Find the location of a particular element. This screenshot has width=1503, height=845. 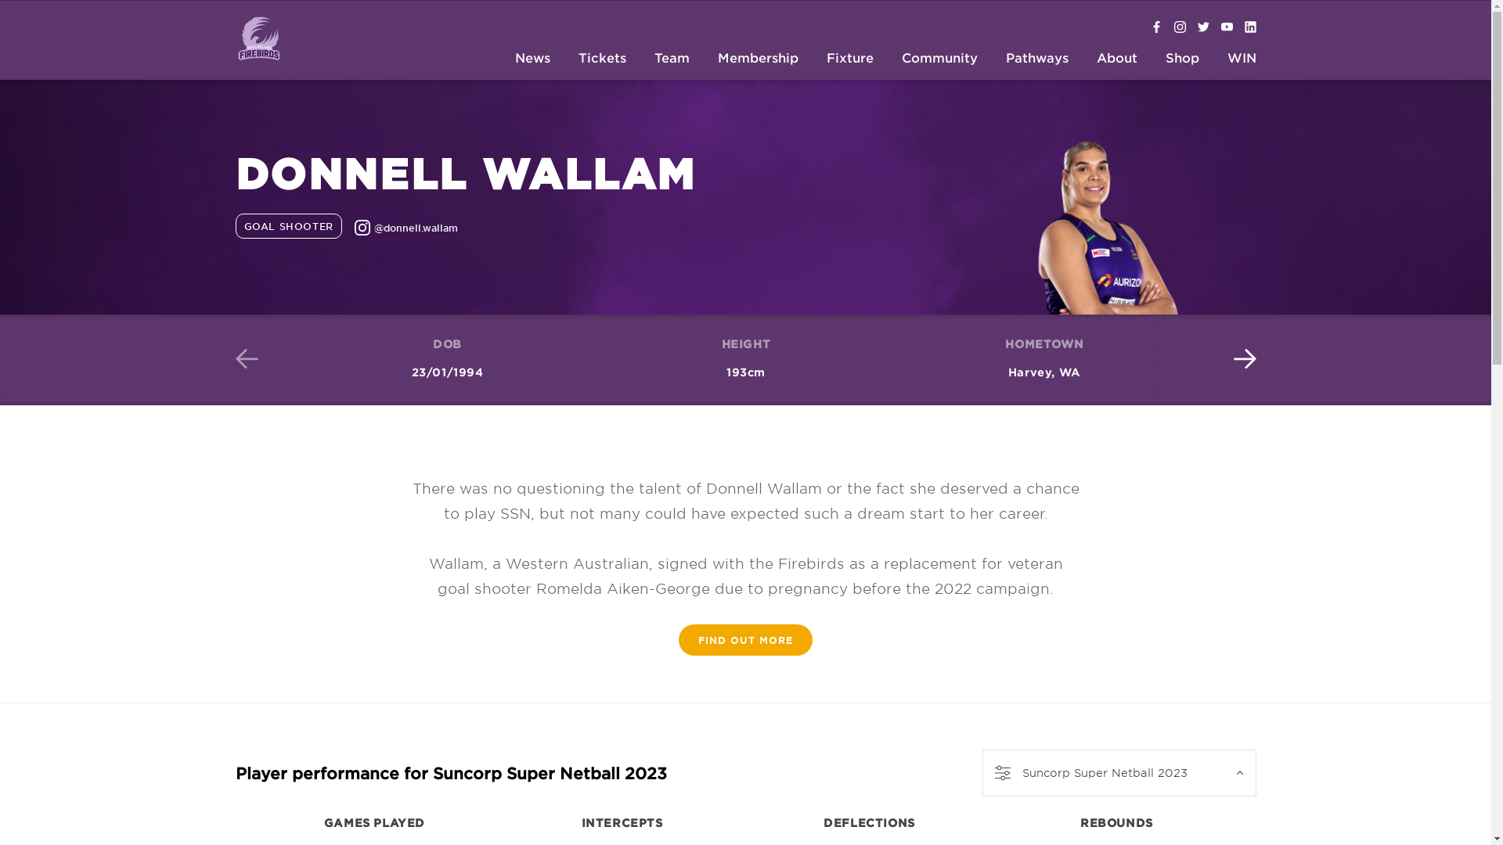

'News' is located at coordinates (532, 59).